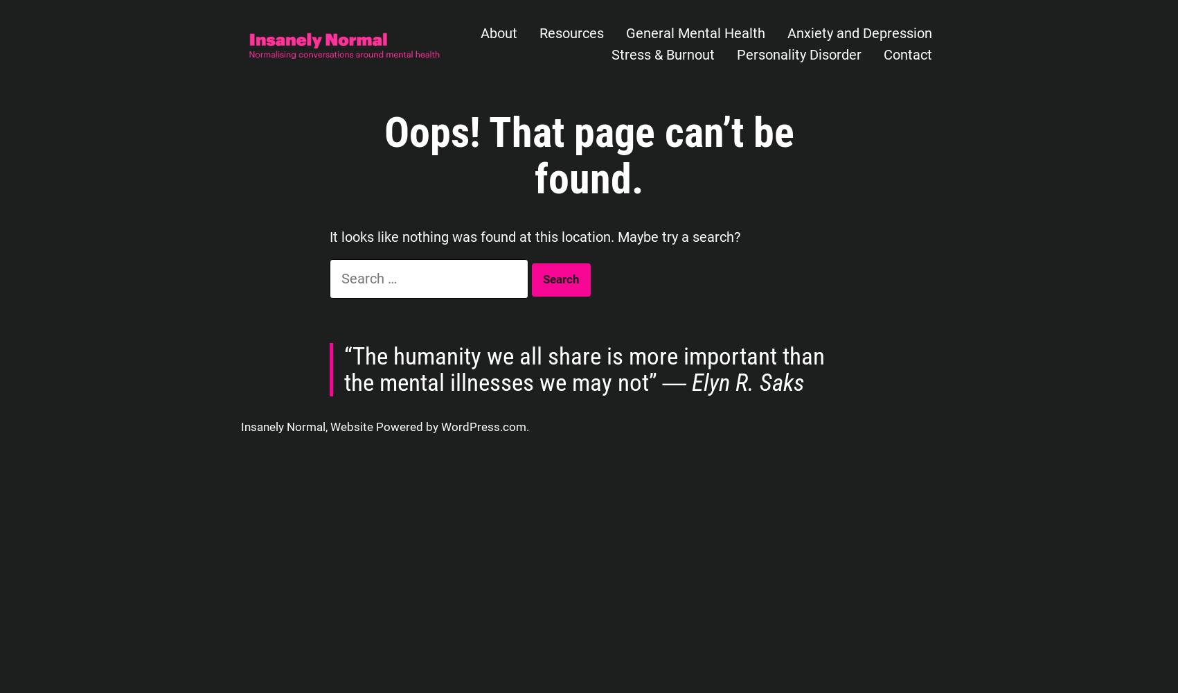 The image size is (1178, 693). I want to click on 'Anxiety and Depression', so click(859, 33).